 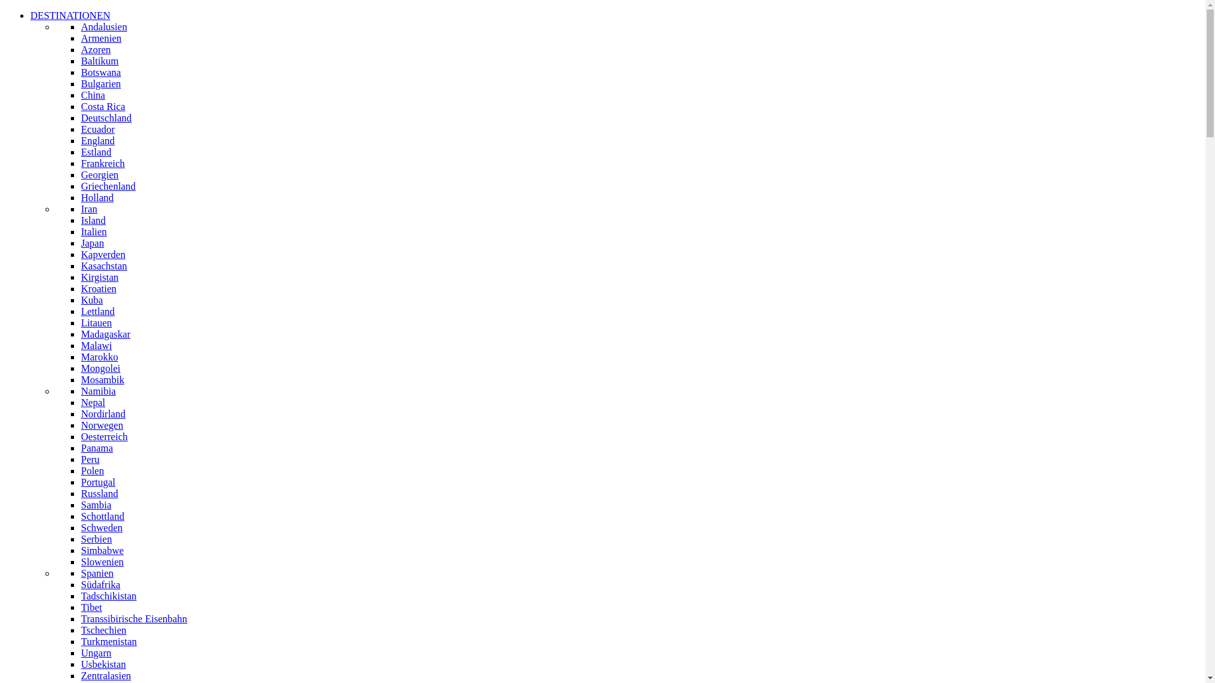 I want to click on 'Transsibirische Eisenbahn', so click(x=134, y=618).